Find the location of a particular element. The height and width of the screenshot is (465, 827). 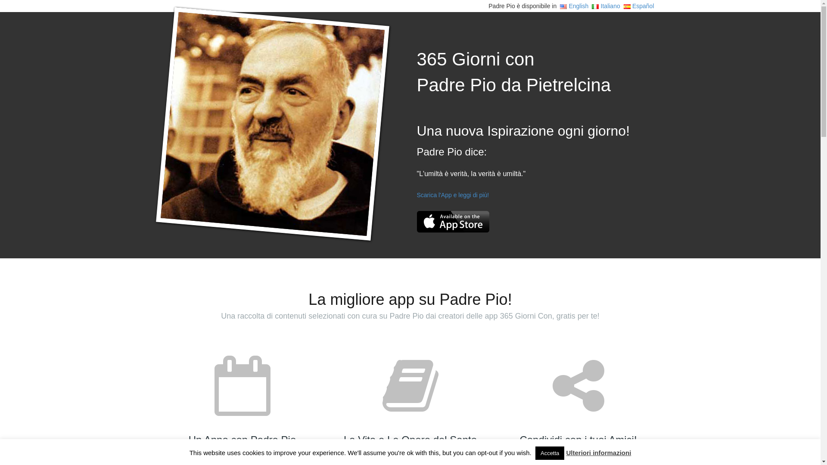

'Accetta' is located at coordinates (549, 453).